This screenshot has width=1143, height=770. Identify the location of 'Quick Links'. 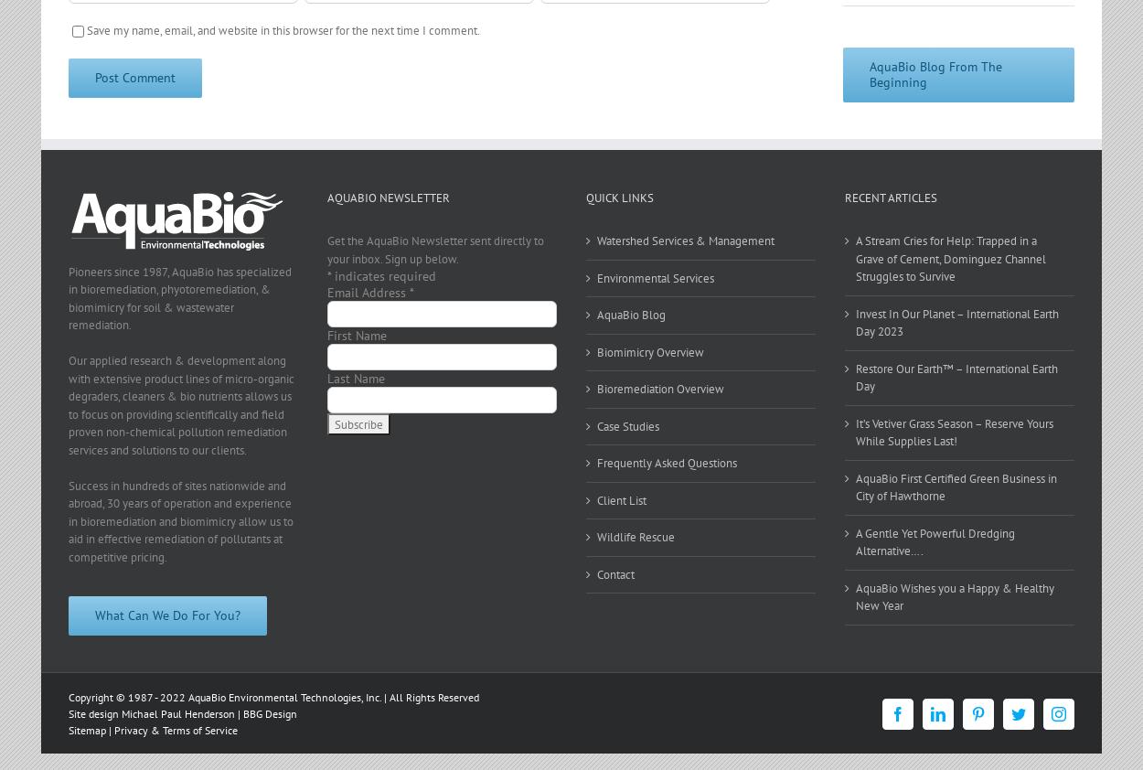
(586, 197).